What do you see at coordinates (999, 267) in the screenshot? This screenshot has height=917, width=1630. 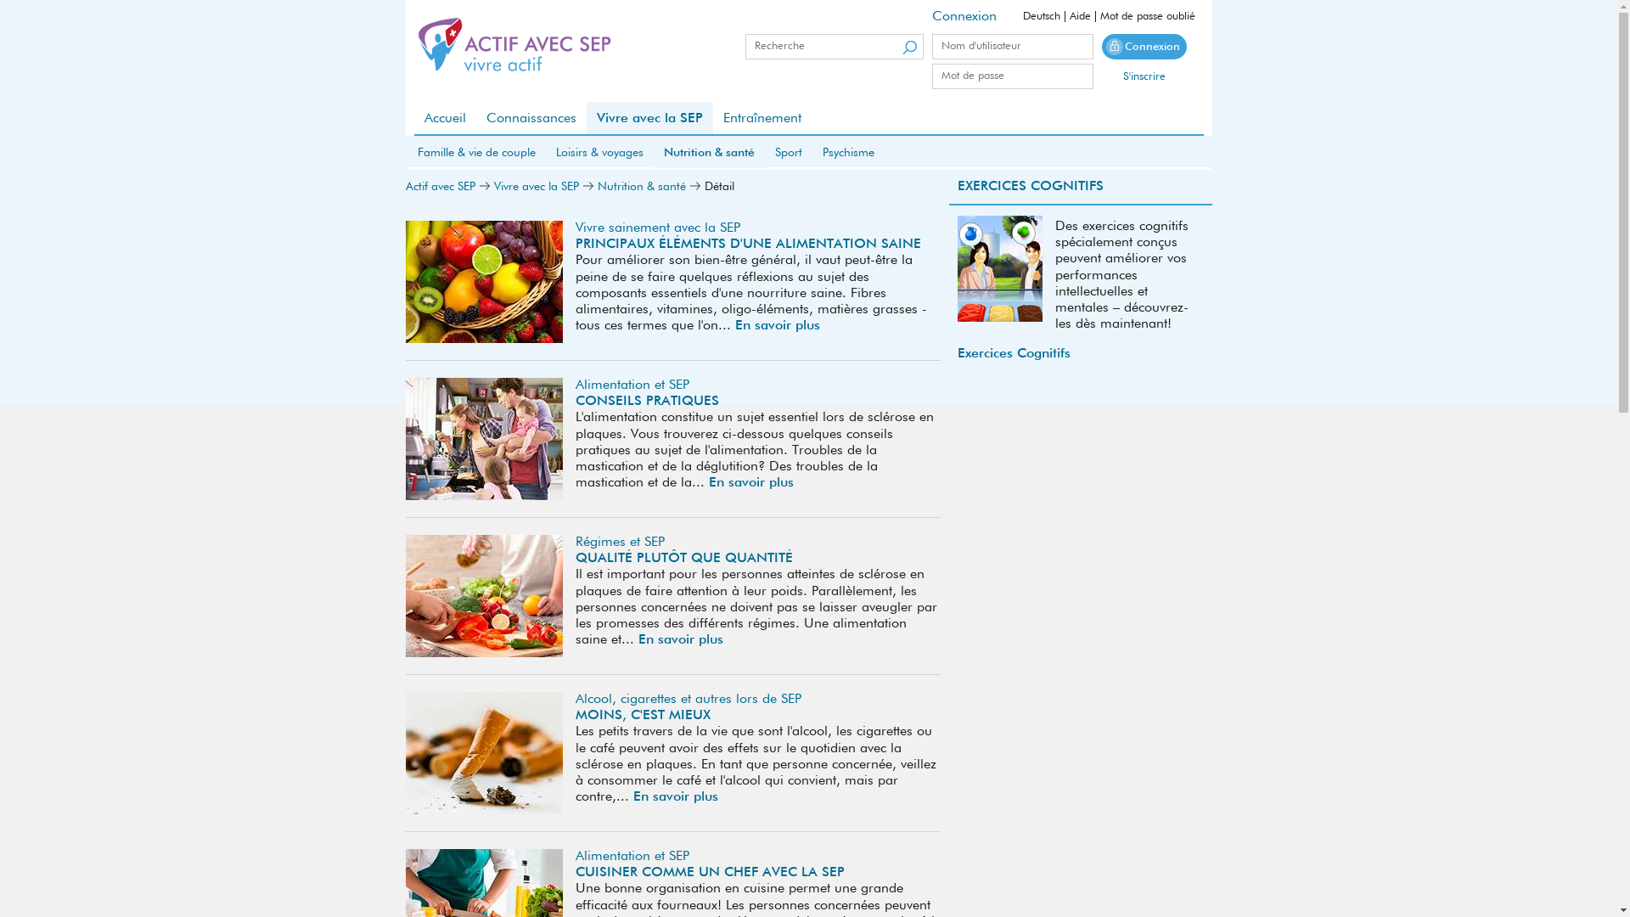 I see `'Kognitives-Training 01'` at bounding box center [999, 267].